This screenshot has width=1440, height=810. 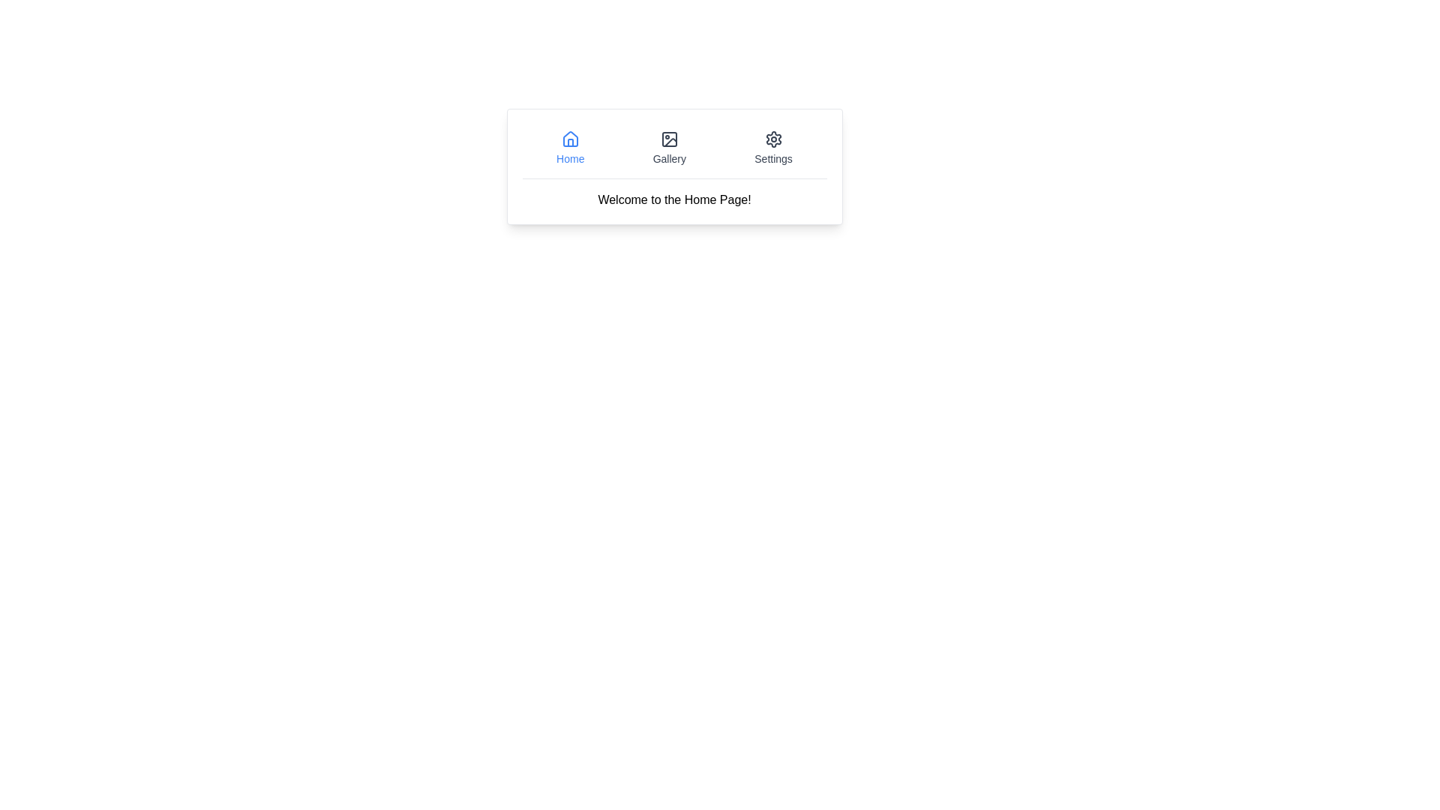 I want to click on the settings icon, which is a gear-like shape located in the top-right section of the navigation bar, so click(x=773, y=139).